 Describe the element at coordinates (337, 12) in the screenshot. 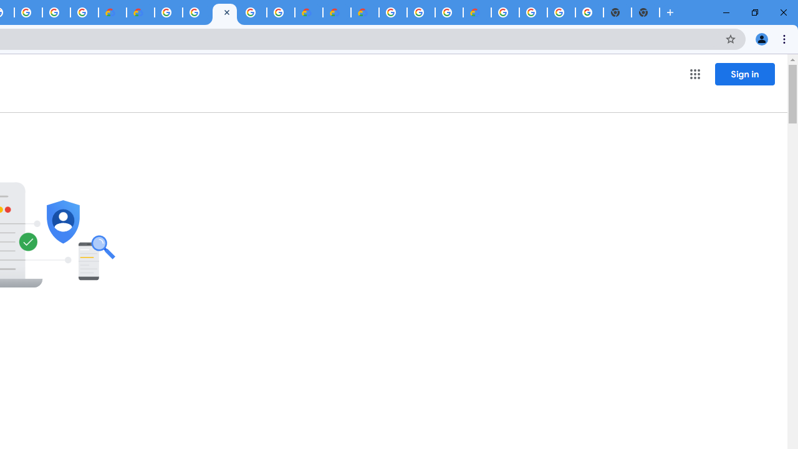

I see `'Google Cloud Pricing Calculator'` at that location.